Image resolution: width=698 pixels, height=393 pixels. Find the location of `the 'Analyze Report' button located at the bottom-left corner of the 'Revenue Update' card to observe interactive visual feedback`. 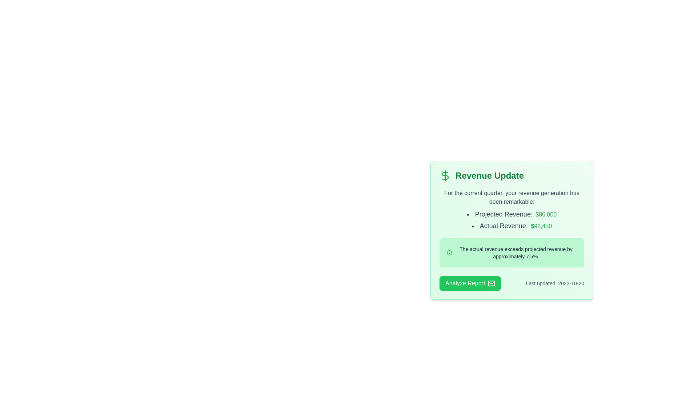

the 'Analyze Report' button located at the bottom-left corner of the 'Revenue Update' card to observe interactive visual feedback is located at coordinates (470, 283).